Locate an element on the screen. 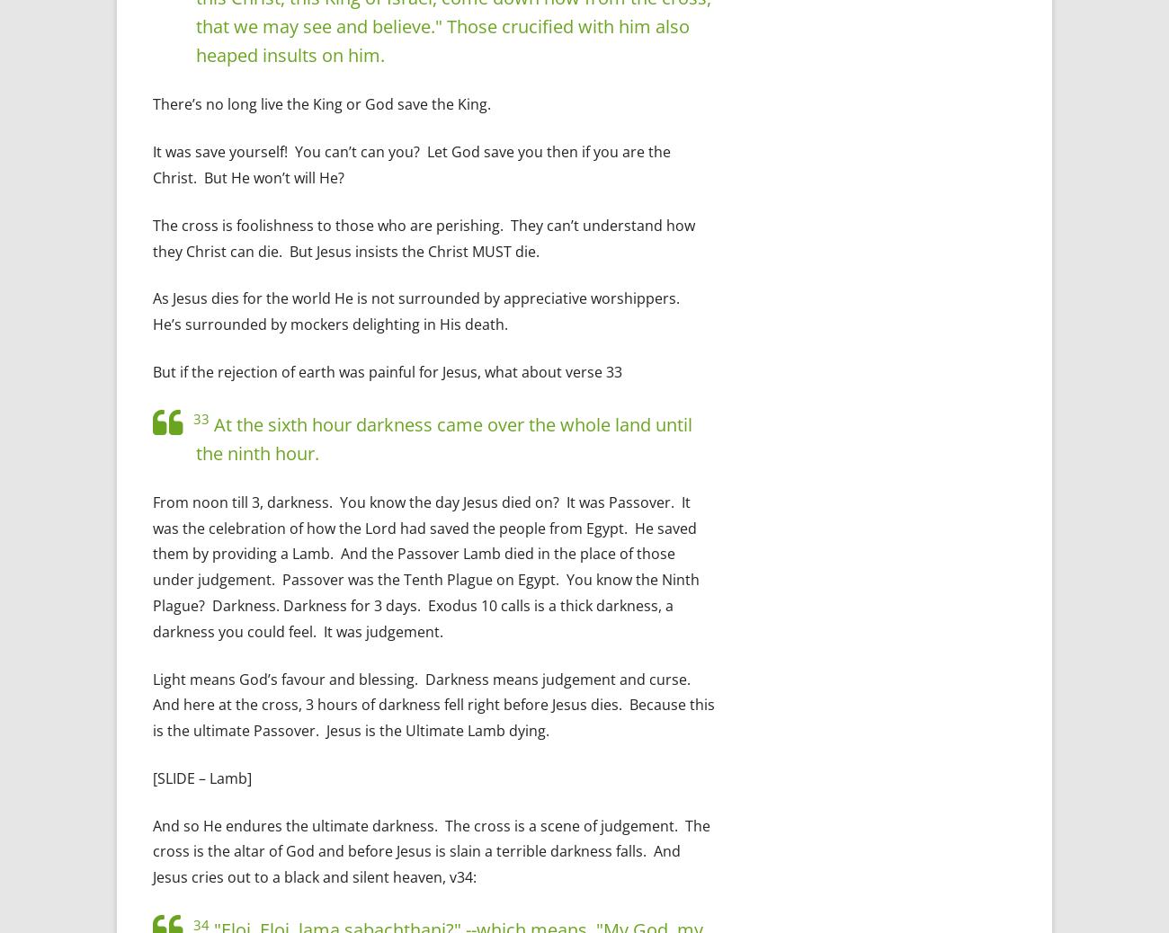  'At the sixth hour darkness came over the whole land until the ninth hour.' is located at coordinates (444, 438).